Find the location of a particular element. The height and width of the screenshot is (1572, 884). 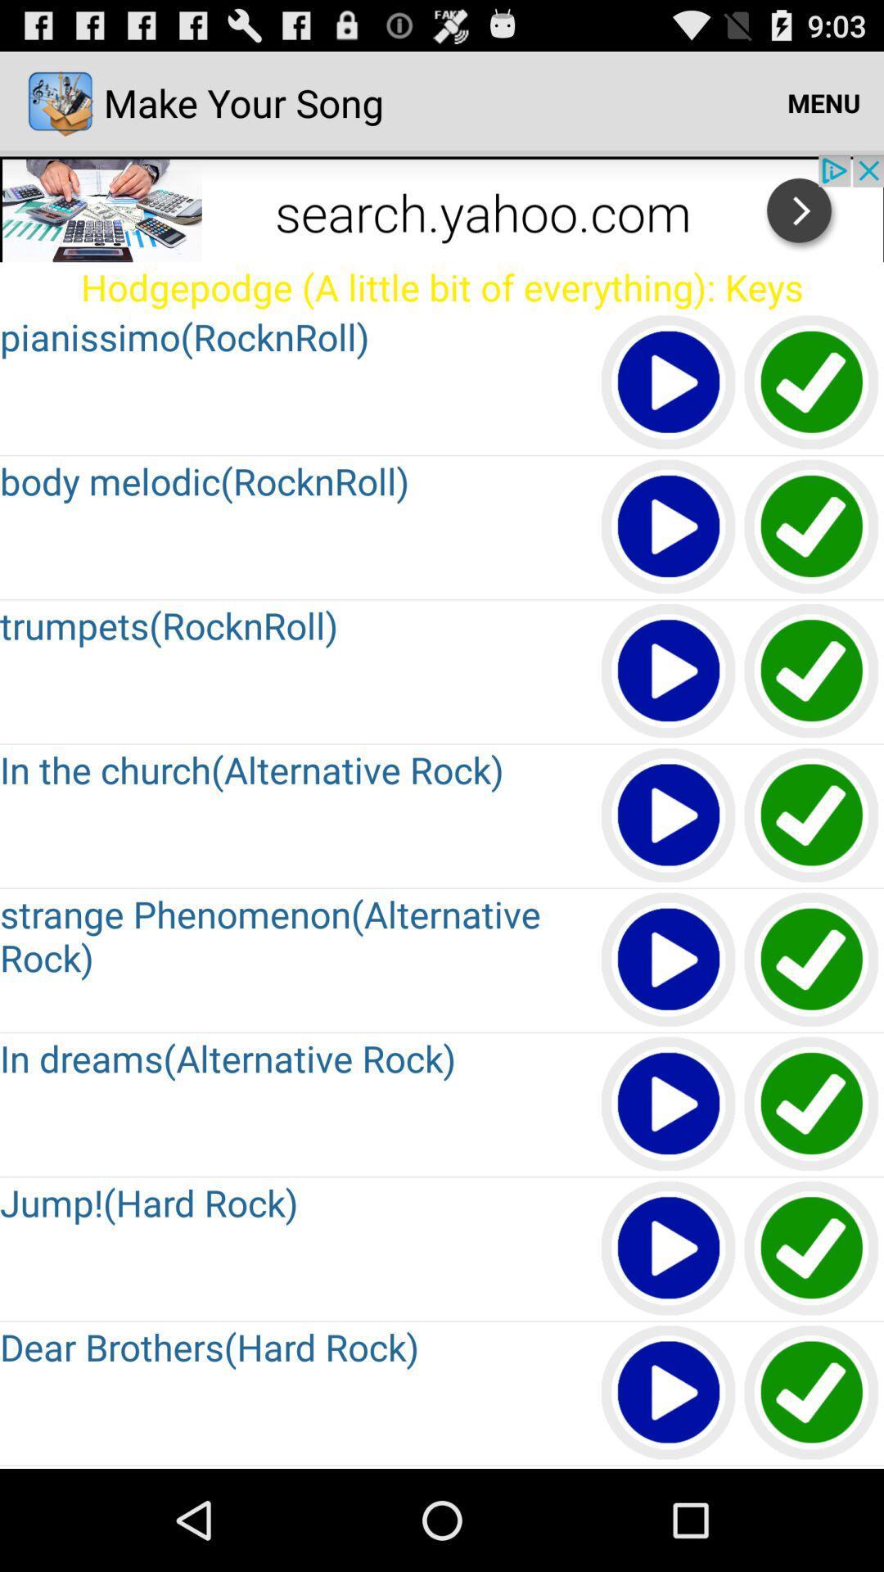

advertisement is located at coordinates (442, 207).